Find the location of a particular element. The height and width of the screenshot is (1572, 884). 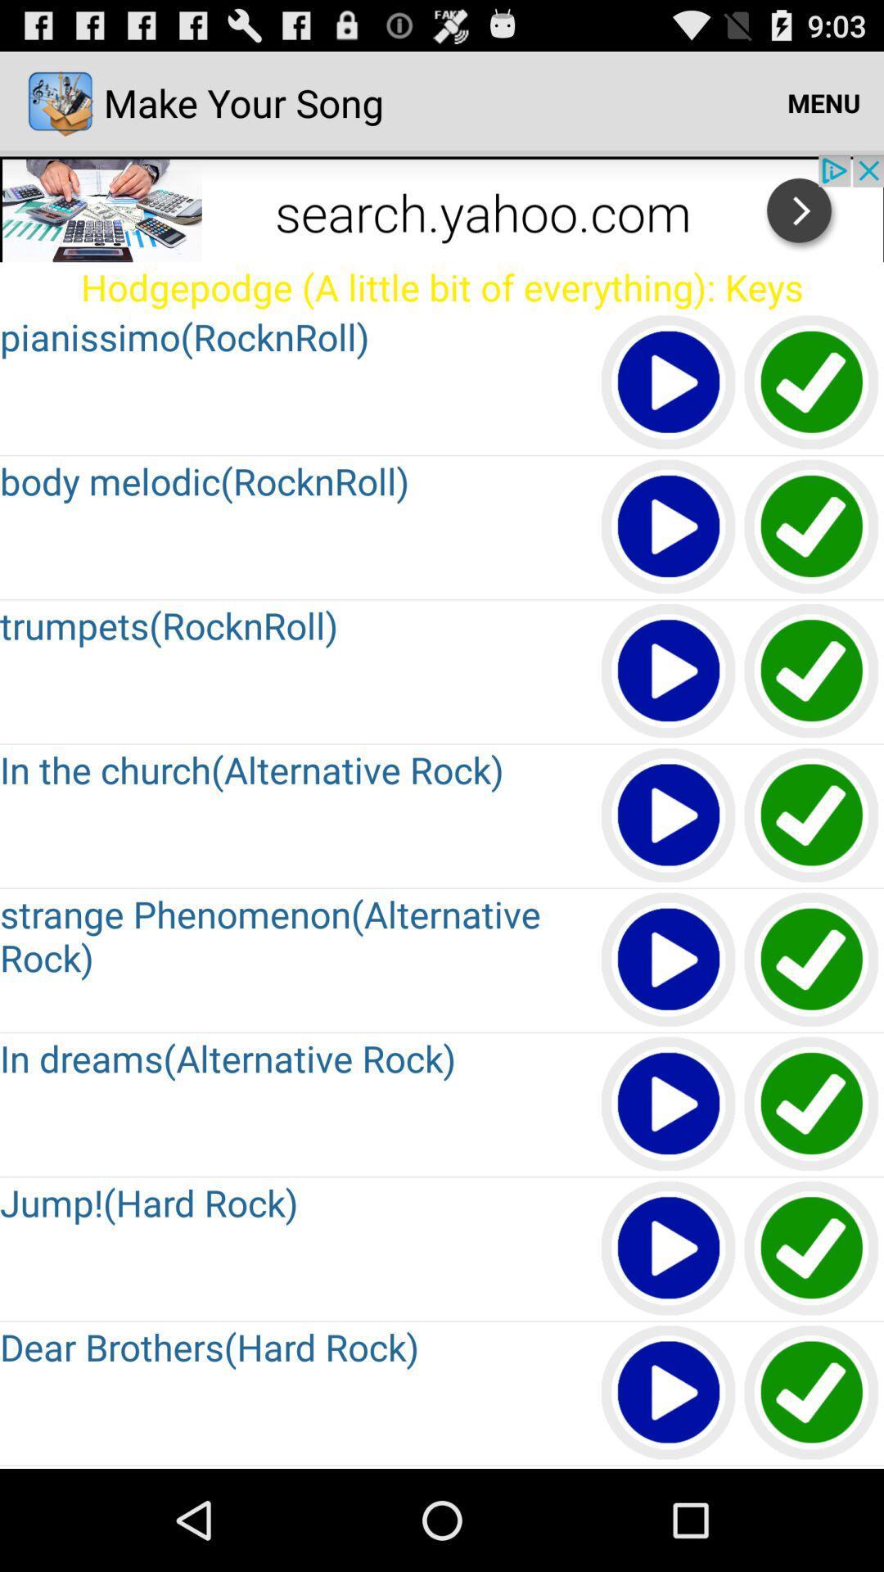

advertisement is located at coordinates (442, 207).